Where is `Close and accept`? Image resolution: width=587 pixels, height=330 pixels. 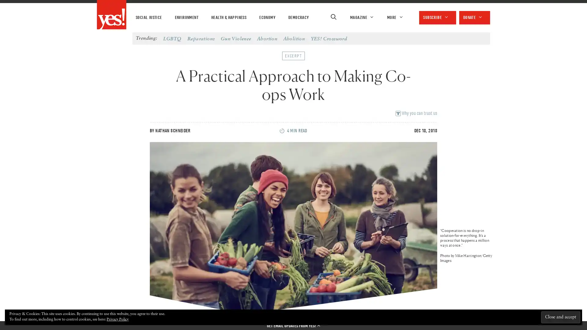
Close and accept is located at coordinates (562, 312).